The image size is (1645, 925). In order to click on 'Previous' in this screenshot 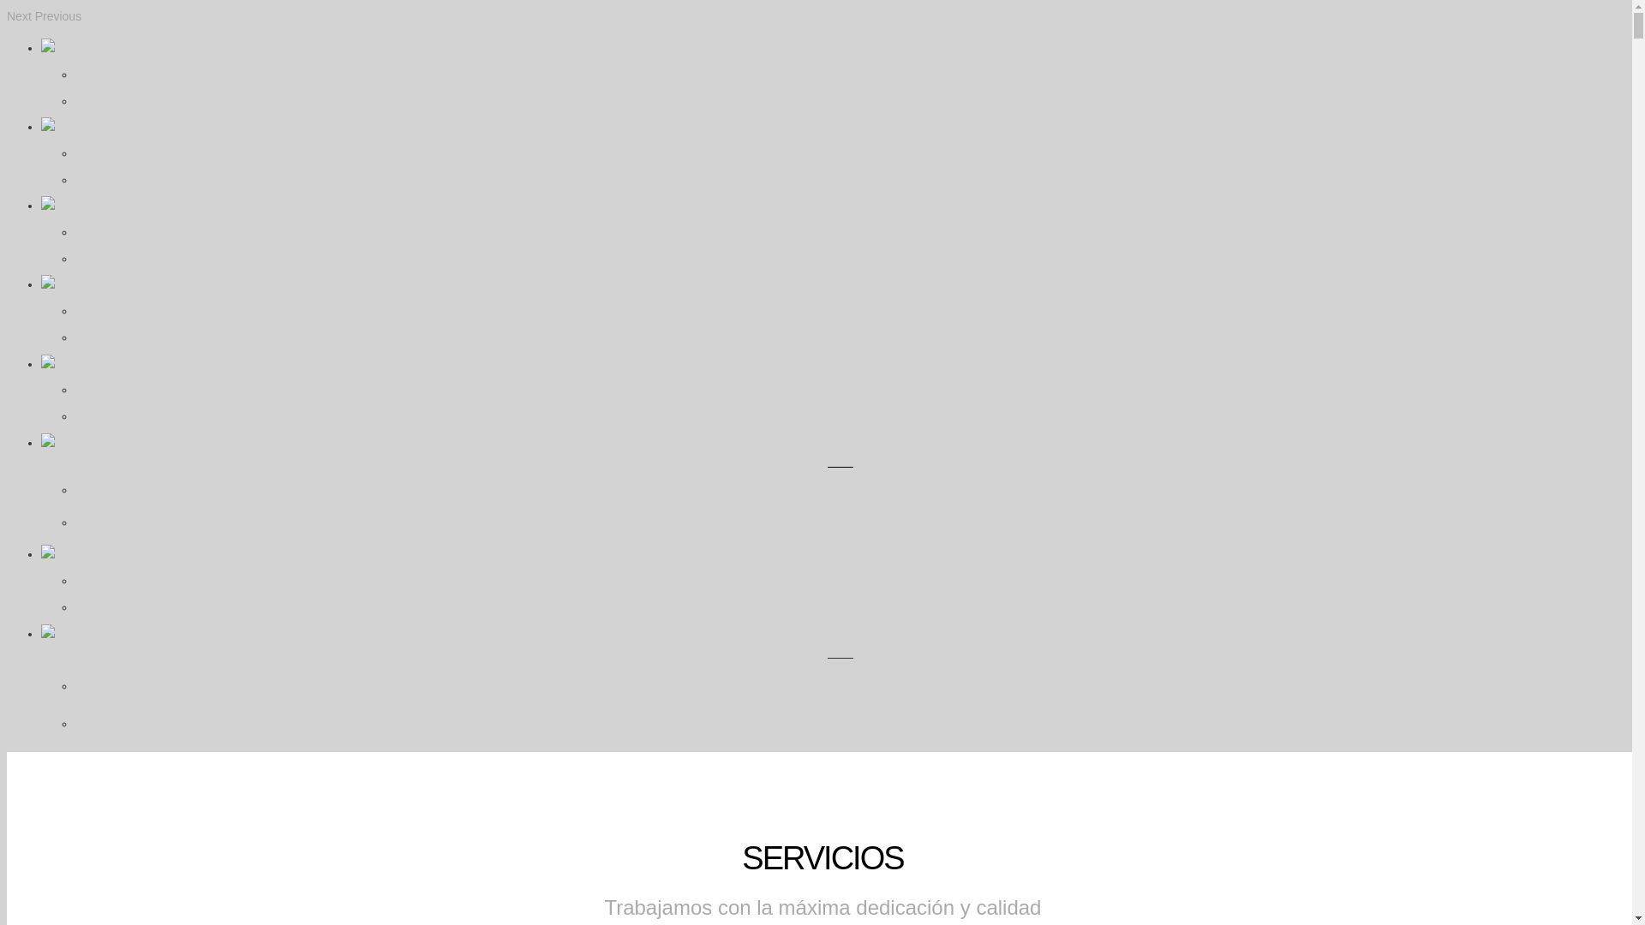, I will do `click(35, 16)`.